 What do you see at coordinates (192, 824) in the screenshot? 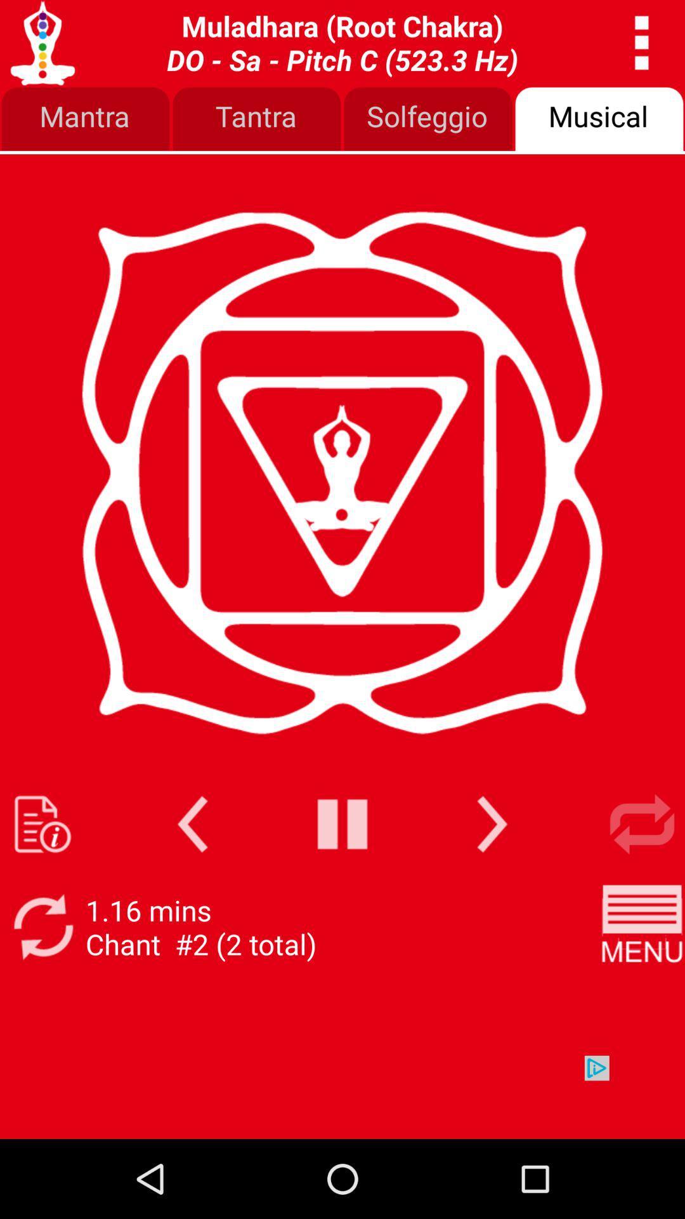
I see `previous audio` at bounding box center [192, 824].